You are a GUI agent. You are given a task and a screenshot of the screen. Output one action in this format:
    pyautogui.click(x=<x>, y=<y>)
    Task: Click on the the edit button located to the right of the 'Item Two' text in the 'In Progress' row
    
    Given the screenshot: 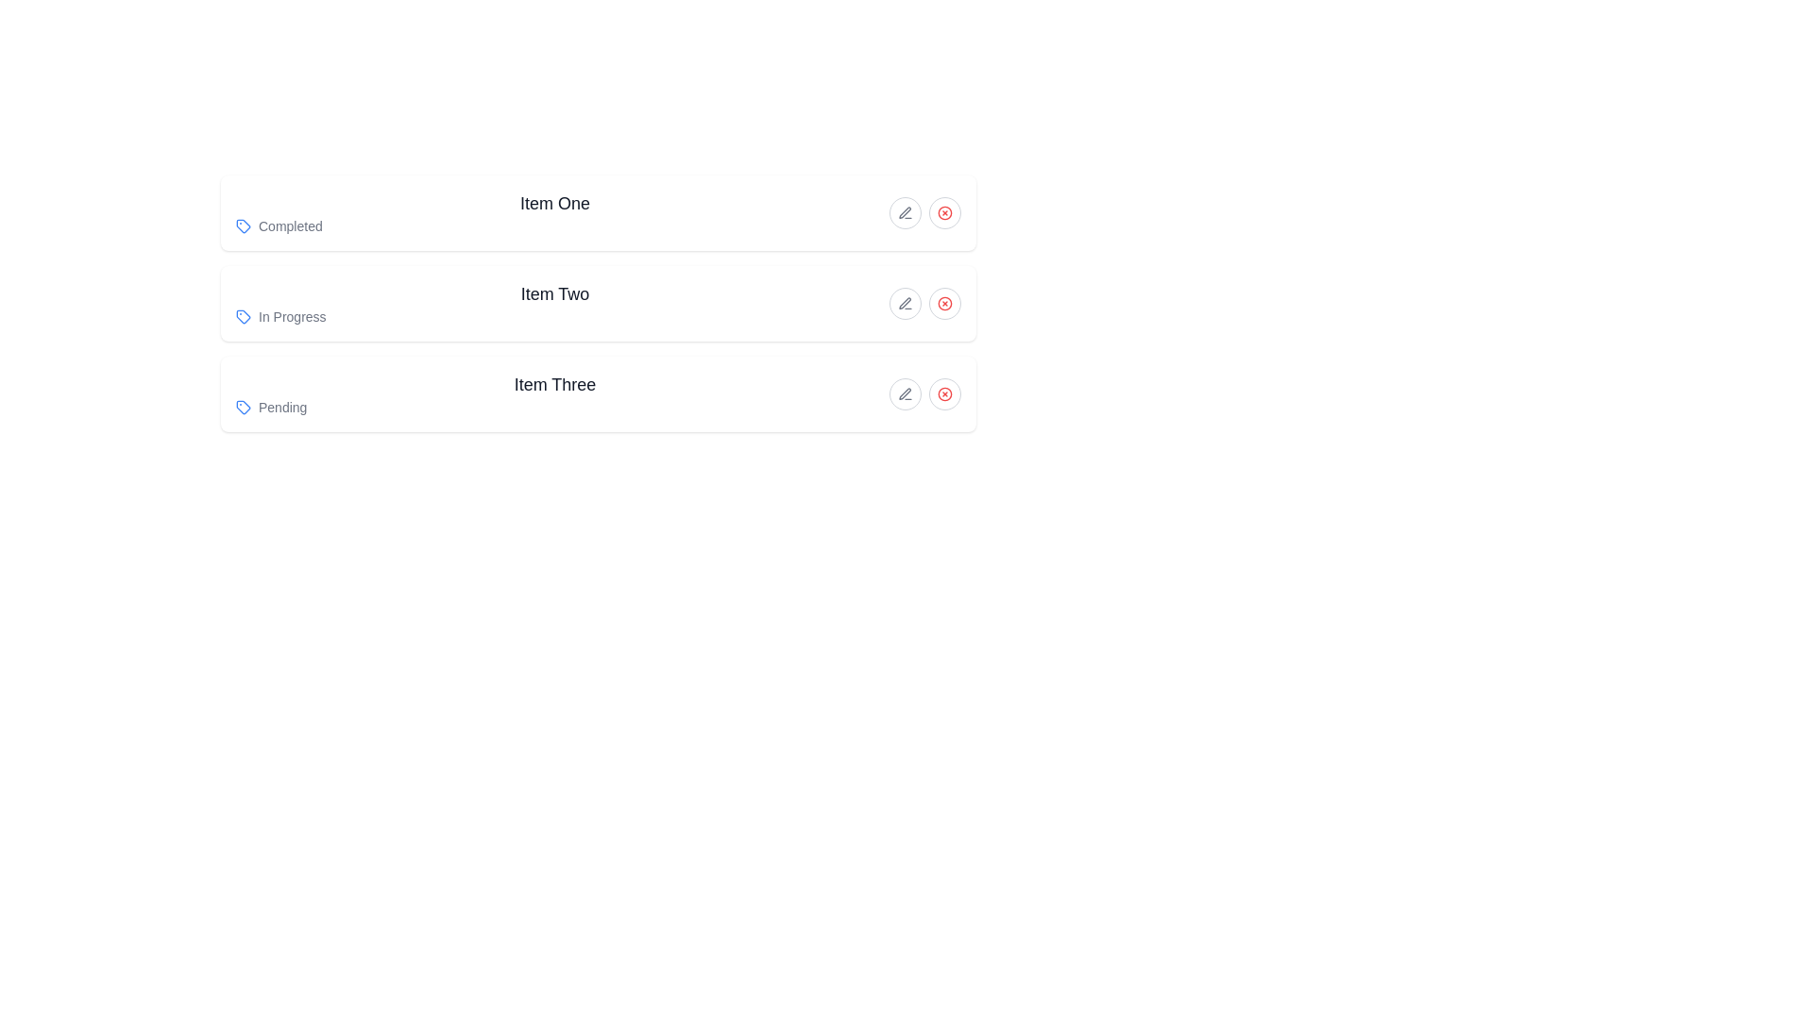 What is the action you would take?
    pyautogui.click(x=905, y=302)
    